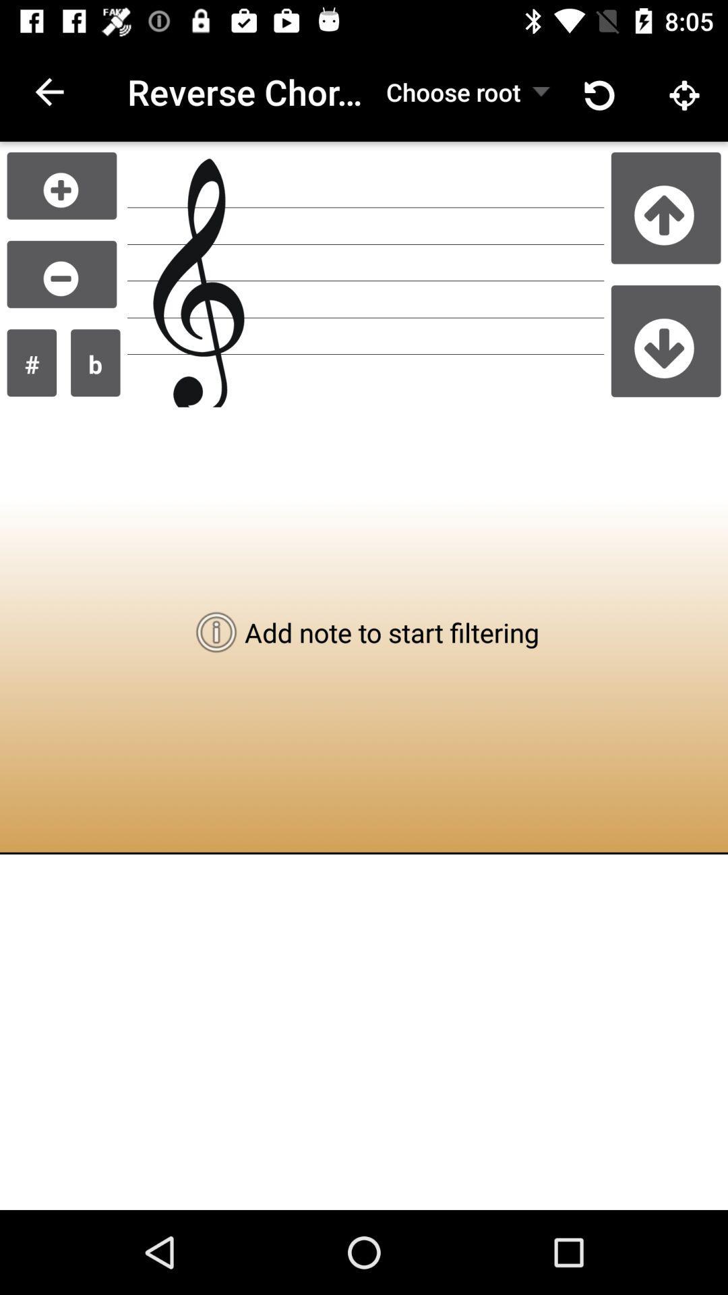 The height and width of the screenshot is (1295, 728). Describe the element at coordinates (49, 91) in the screenshot. I see `the icon to the left of the reverse chord lookup item` at that location.